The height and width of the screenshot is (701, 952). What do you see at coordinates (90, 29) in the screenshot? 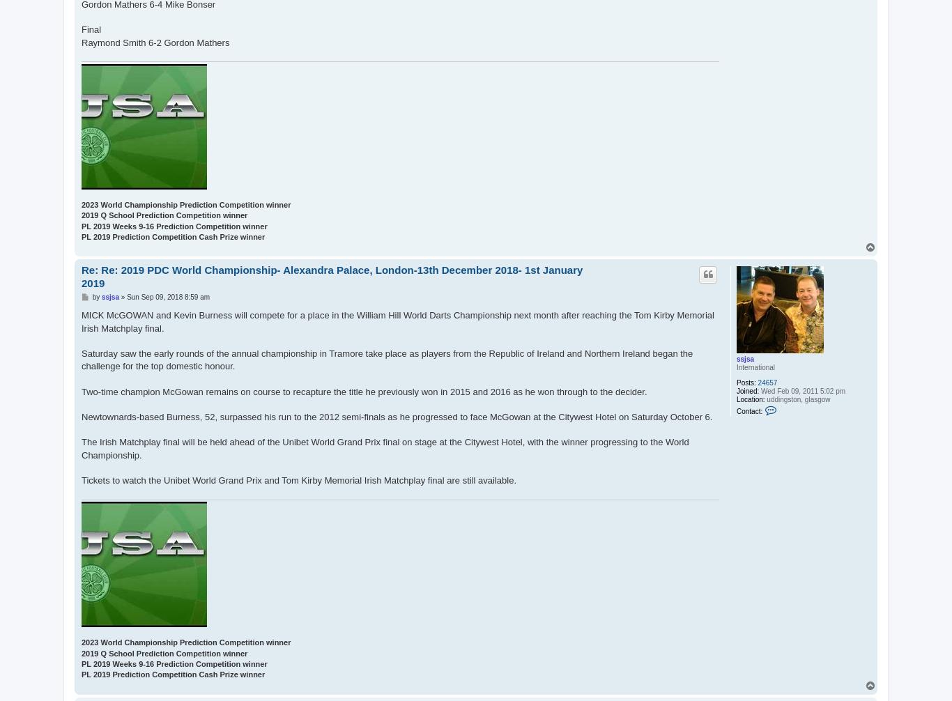
I see `'Final'` at bounding box center [90, 29].